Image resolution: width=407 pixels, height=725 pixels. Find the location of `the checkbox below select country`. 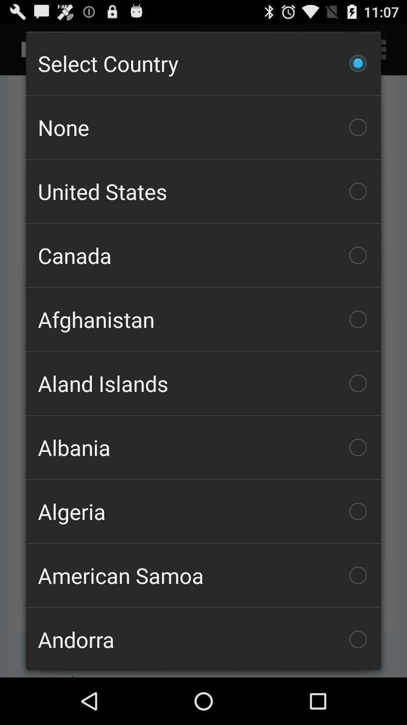

the checkbox below select country is located at coordinates (203, 127).